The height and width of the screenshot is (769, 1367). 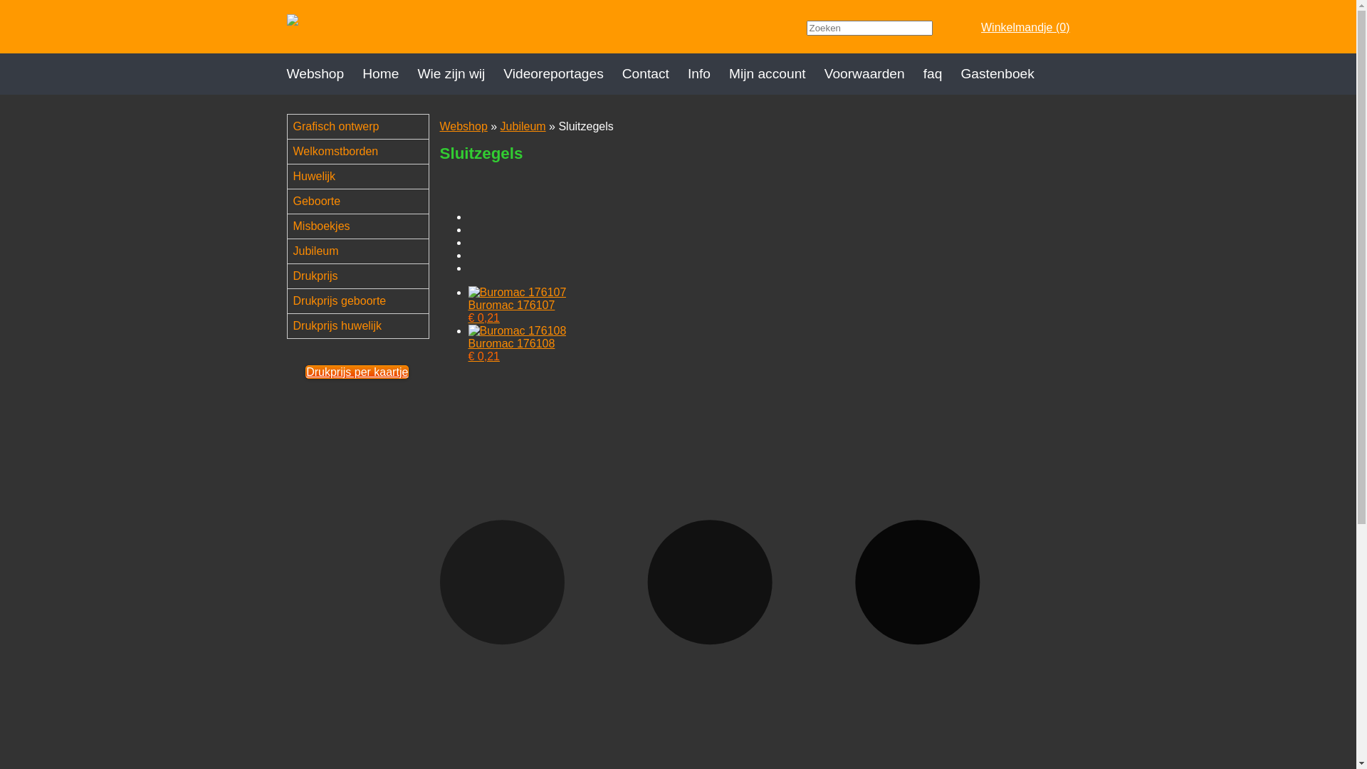 I want to click on 'Grafisch ontwerp', so click(x=363, y=125).